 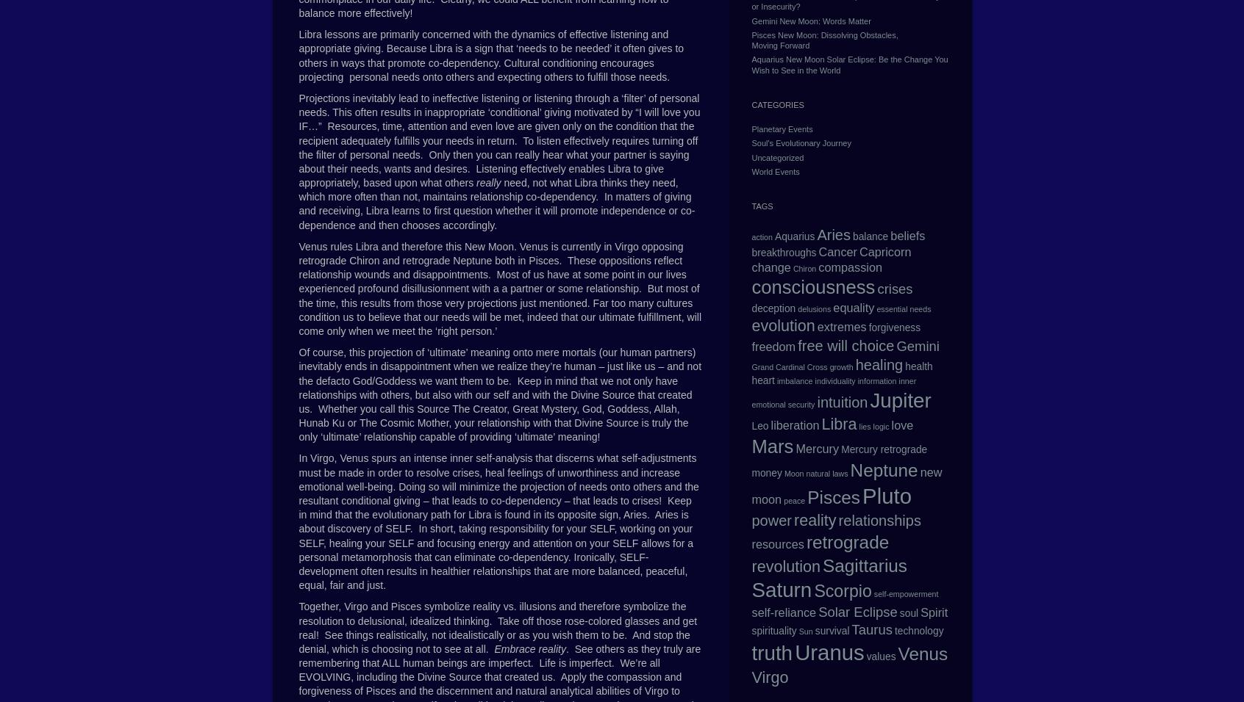 What do you see at coordinates (770, 267) in the screenshot?
I see `'change'` at bounding box center [770, 267].